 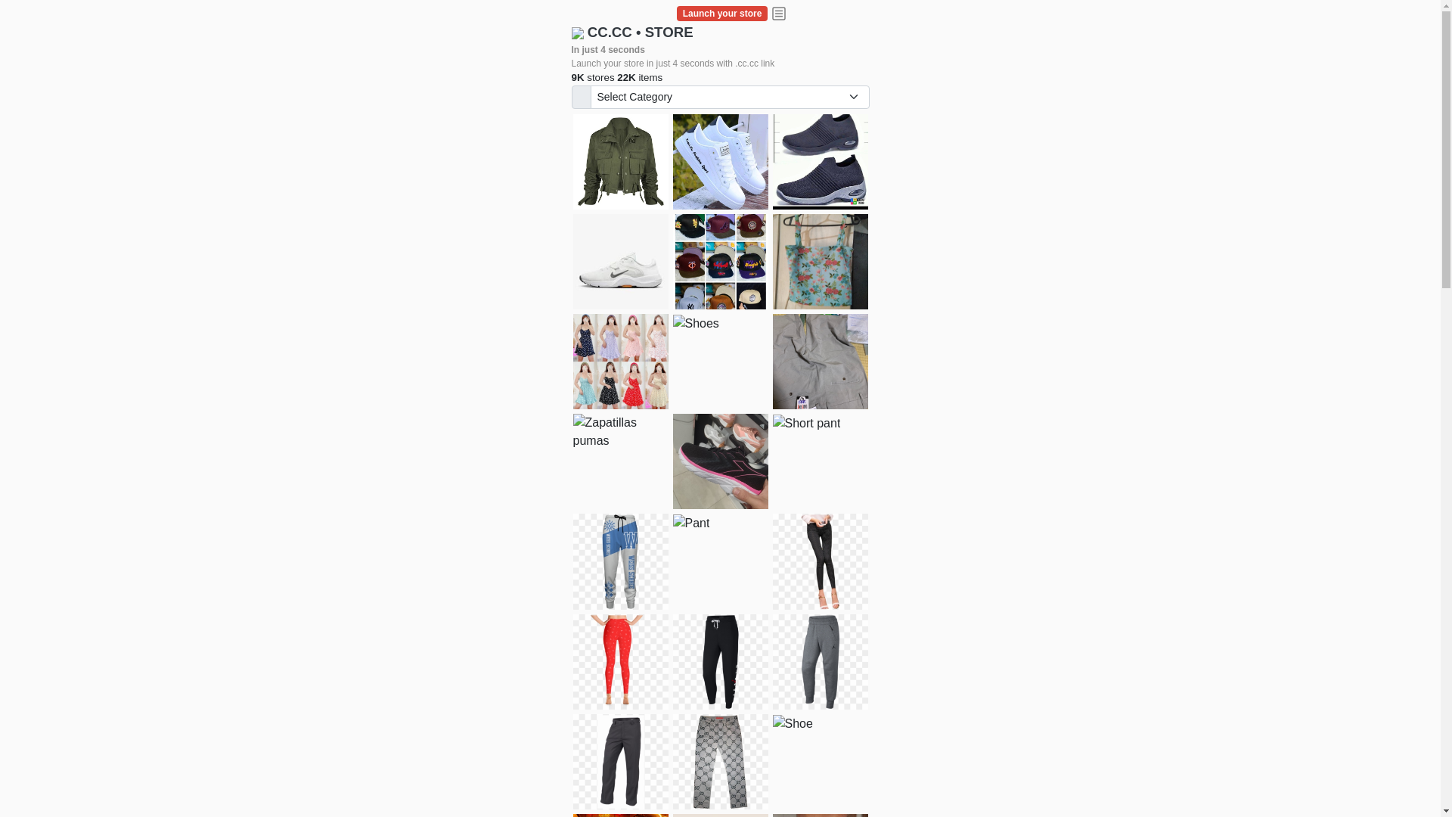 I want to click on 'Dress/square nect top', so click(x=620, y=362).